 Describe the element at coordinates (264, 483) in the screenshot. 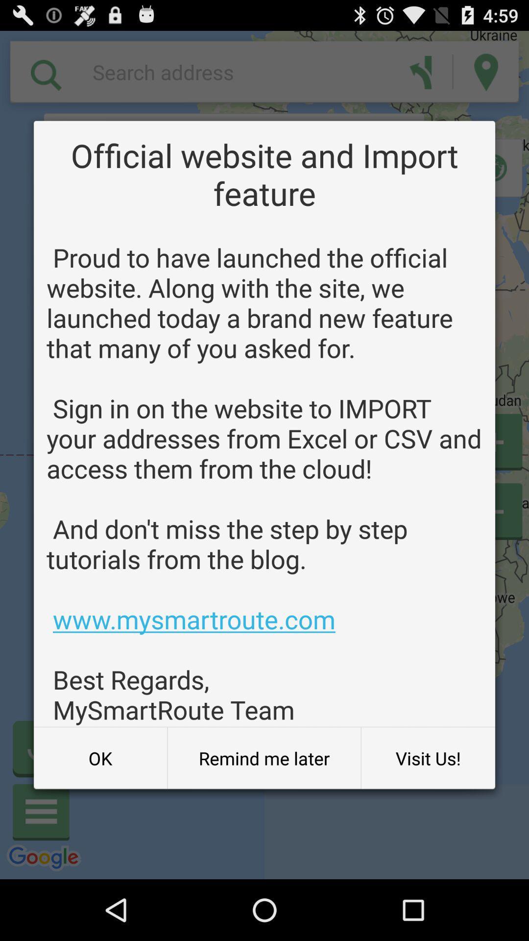

I see `the item at the center` at that location.